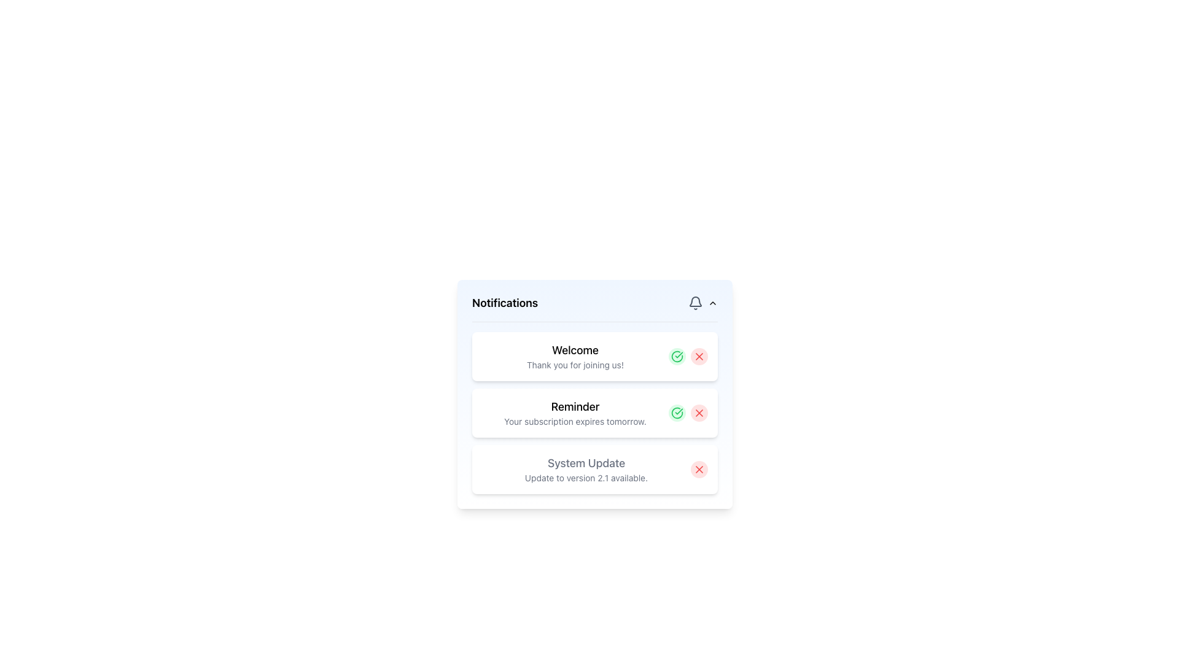 The width and height of the screenshot is (1179, 663). Describe the element at coordinates (699, 357) in the screenshot. I see `the circular red button with a red cross ('X') symbol located in the upper-right corner of the 'Welcome' notification card` at that location.